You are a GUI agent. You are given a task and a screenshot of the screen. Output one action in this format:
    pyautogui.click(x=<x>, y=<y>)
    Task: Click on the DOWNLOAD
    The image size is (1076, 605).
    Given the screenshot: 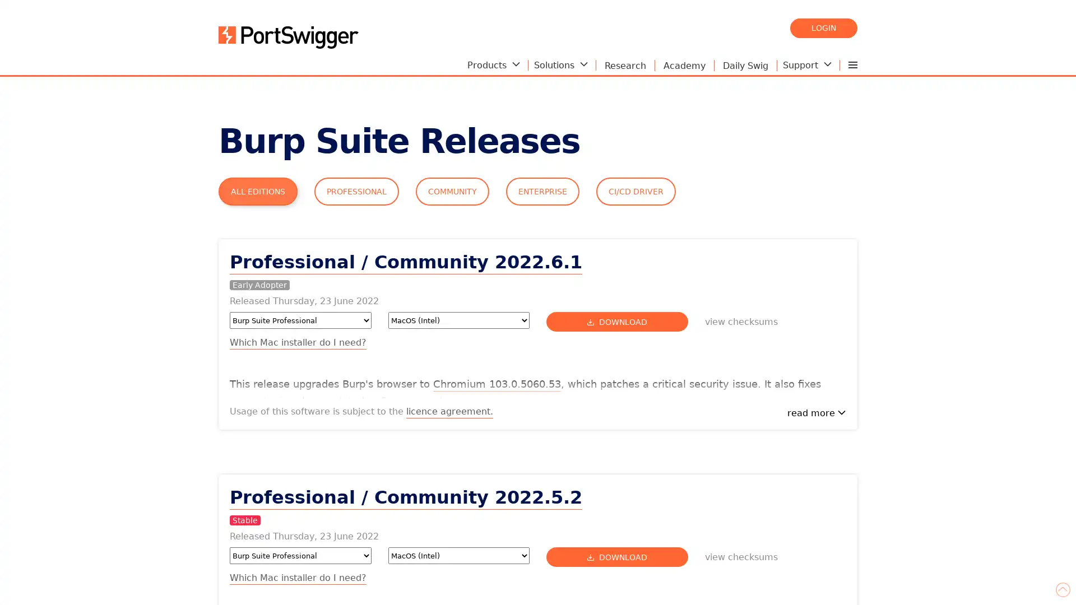 What is the action you would take?
    pyautogui.click(x=616, y=322)
    